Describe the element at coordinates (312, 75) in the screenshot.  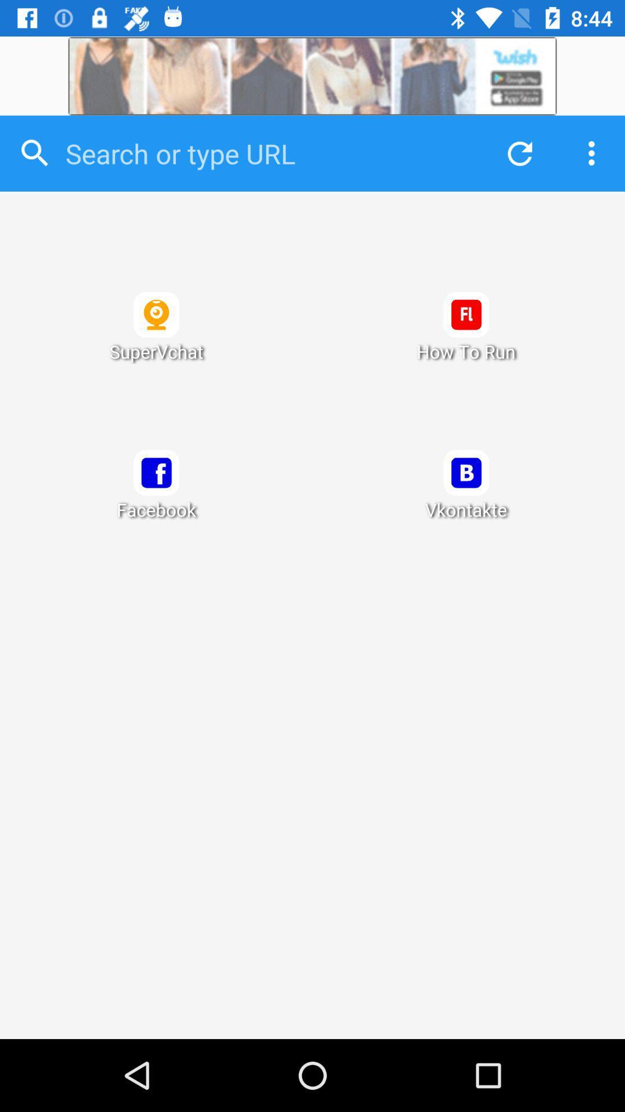
I see `advertisement` at that location.